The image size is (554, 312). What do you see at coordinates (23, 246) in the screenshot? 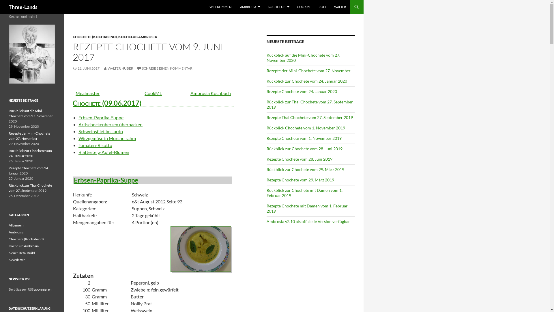
I see `'Kochclub Ambrosia'` at bounding box center [23, 246].